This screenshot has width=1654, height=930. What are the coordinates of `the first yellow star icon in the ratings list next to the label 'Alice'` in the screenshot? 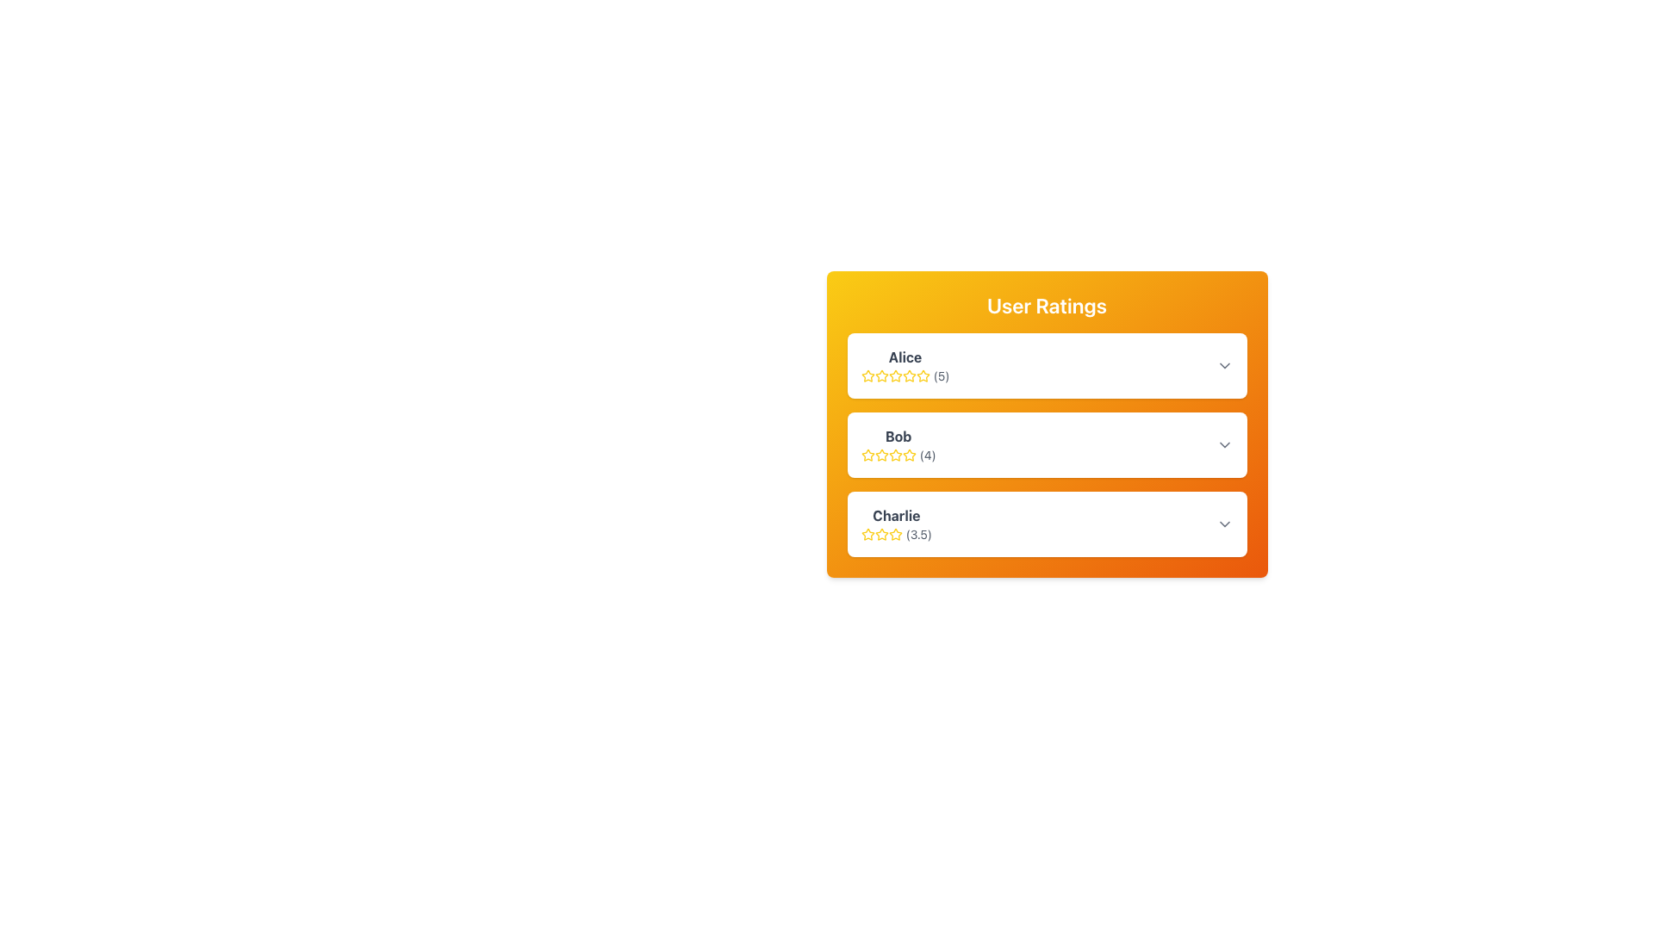 It's located at (867, 375).